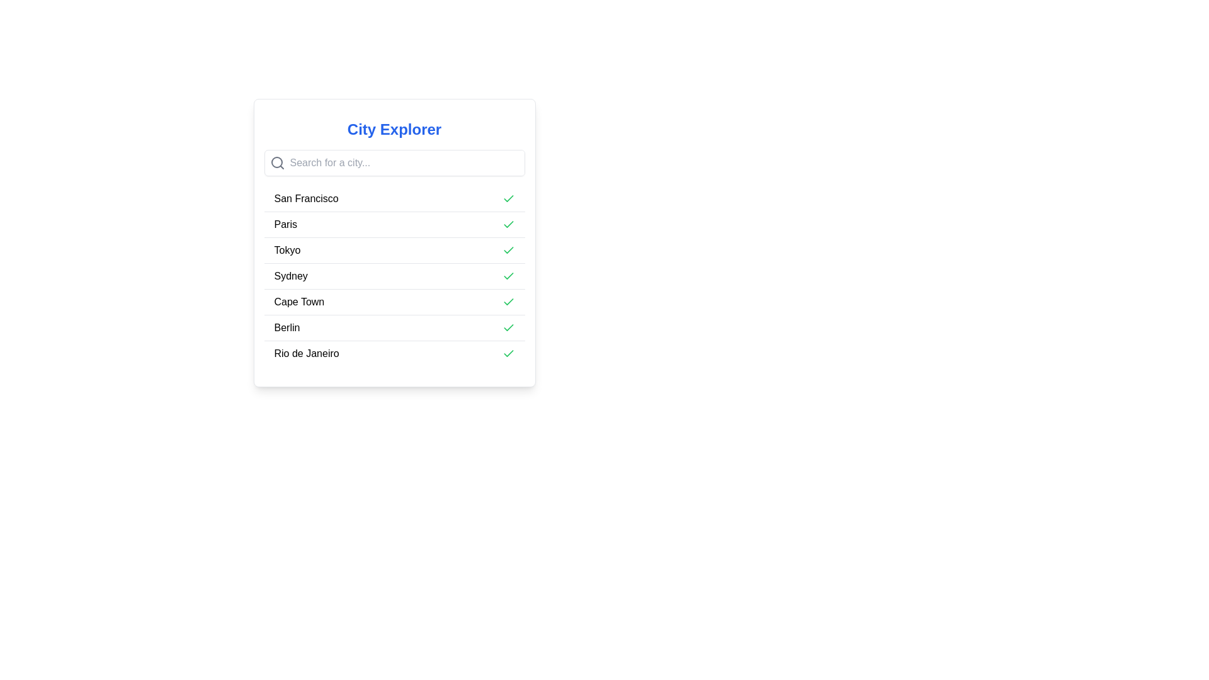  Describe the element at coordinates (276, 162) in the screenshot. I see `the decorative icon part of the magnifying glass, which symbolizes a search function, located in the header of the content layout` at that location.